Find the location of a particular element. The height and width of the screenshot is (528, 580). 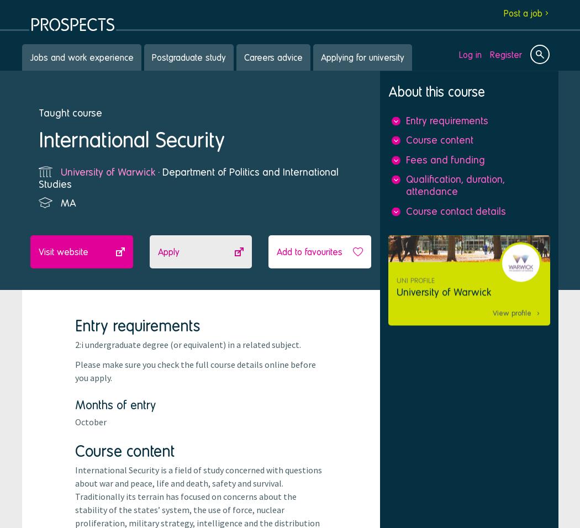

'Log in' is located at coordinates (470, 53).